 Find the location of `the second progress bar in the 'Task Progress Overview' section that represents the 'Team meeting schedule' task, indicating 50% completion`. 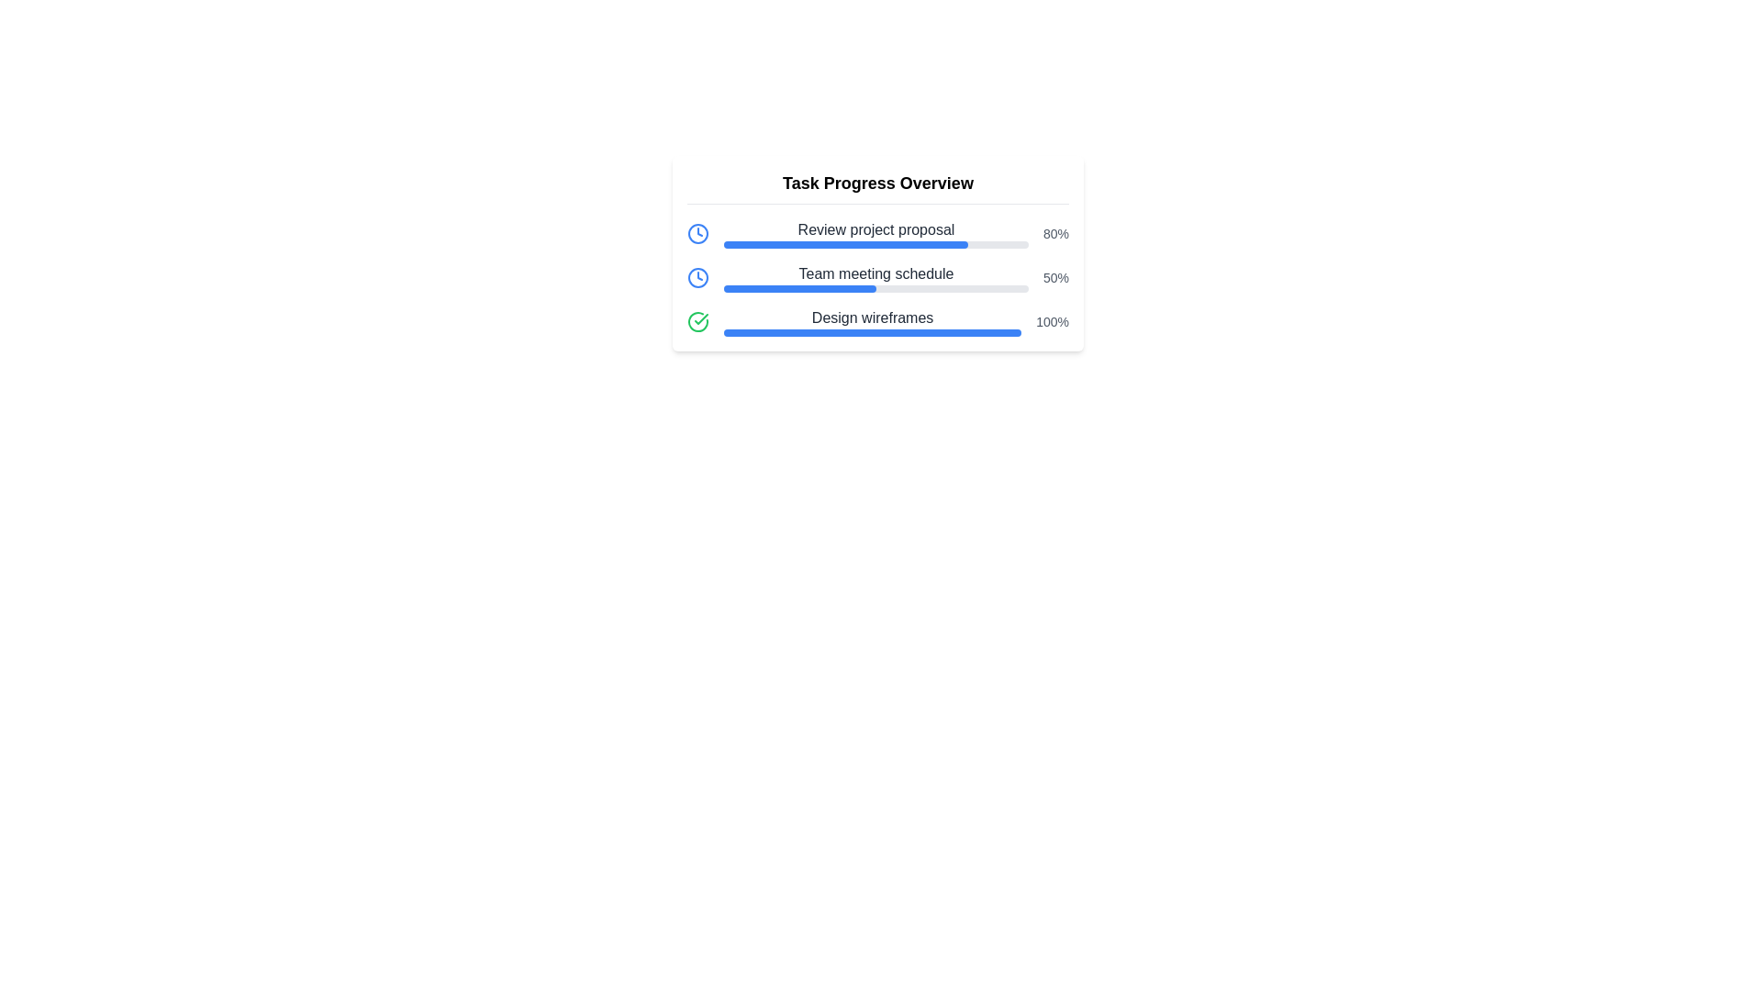

the second progress bar in the 'Task Progress Overview' section that represents the 'Team meeting schedule' task, indicating 50% completion is located at coordinates (875, 289).